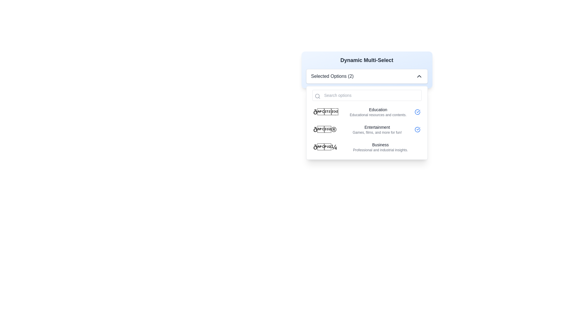 The image size is (561, 316). What do you see at coordinates (377, 127) in the screenshot?
I see `the 'Entertainment' category text label in the 'Dynamic Multi-Select' dropdown list, which is positioned below 'Education' and above 'Business'` at bounding box center [377, 127].